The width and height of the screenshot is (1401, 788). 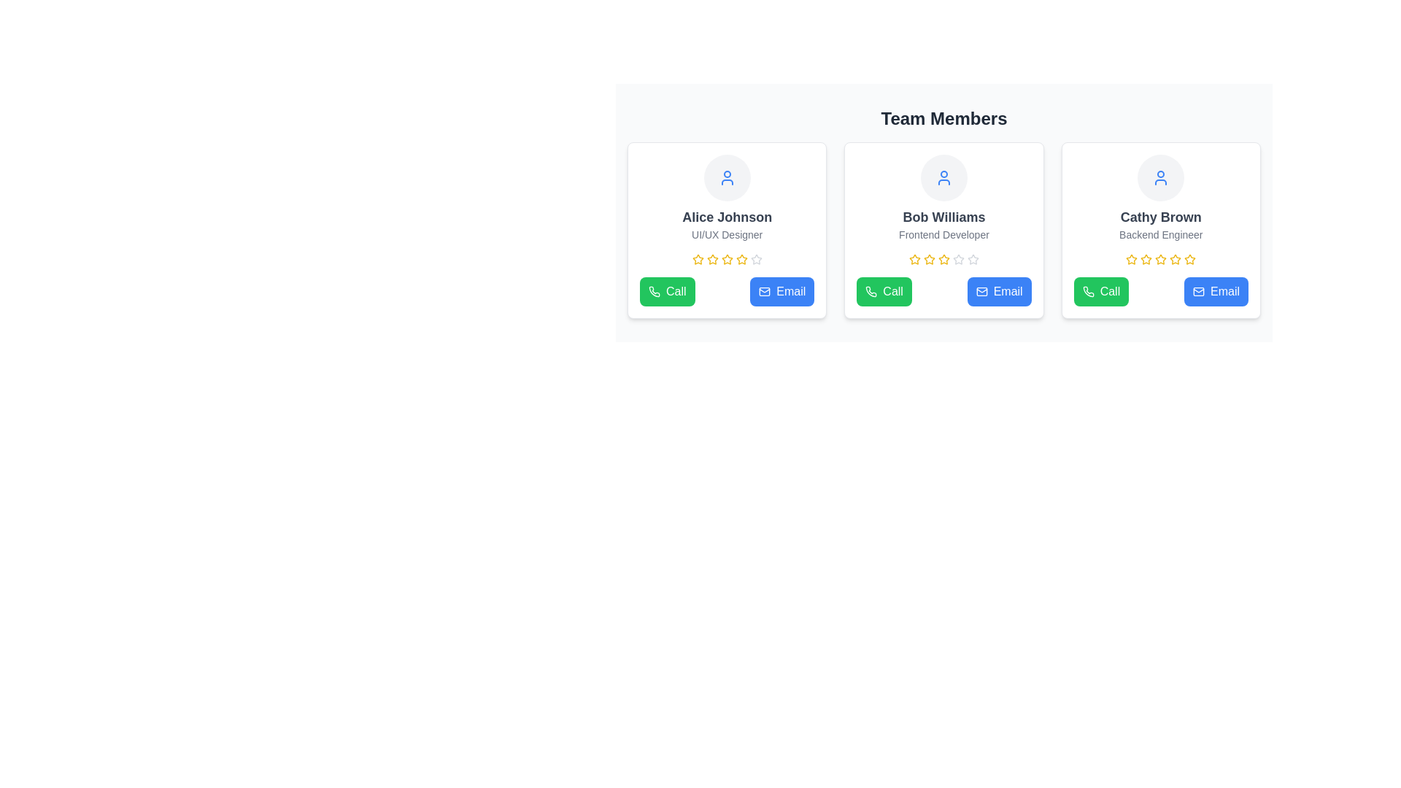 I want to click on the fourth yellow star icon in the rating display for Cathy Brown's profile card, so click(x=1160, y=258).